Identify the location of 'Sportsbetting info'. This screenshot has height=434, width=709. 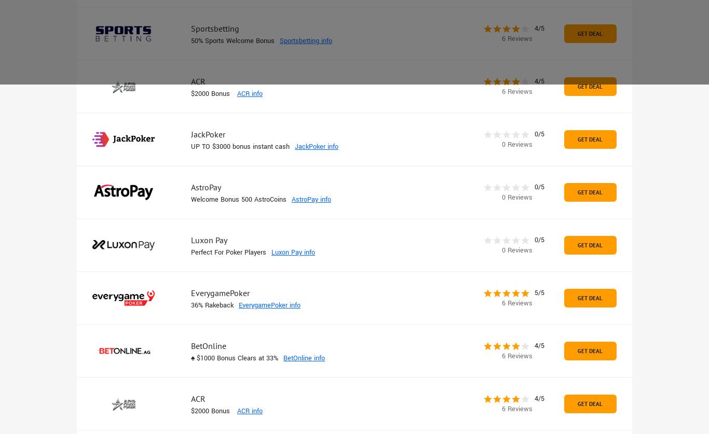
(305, 41).